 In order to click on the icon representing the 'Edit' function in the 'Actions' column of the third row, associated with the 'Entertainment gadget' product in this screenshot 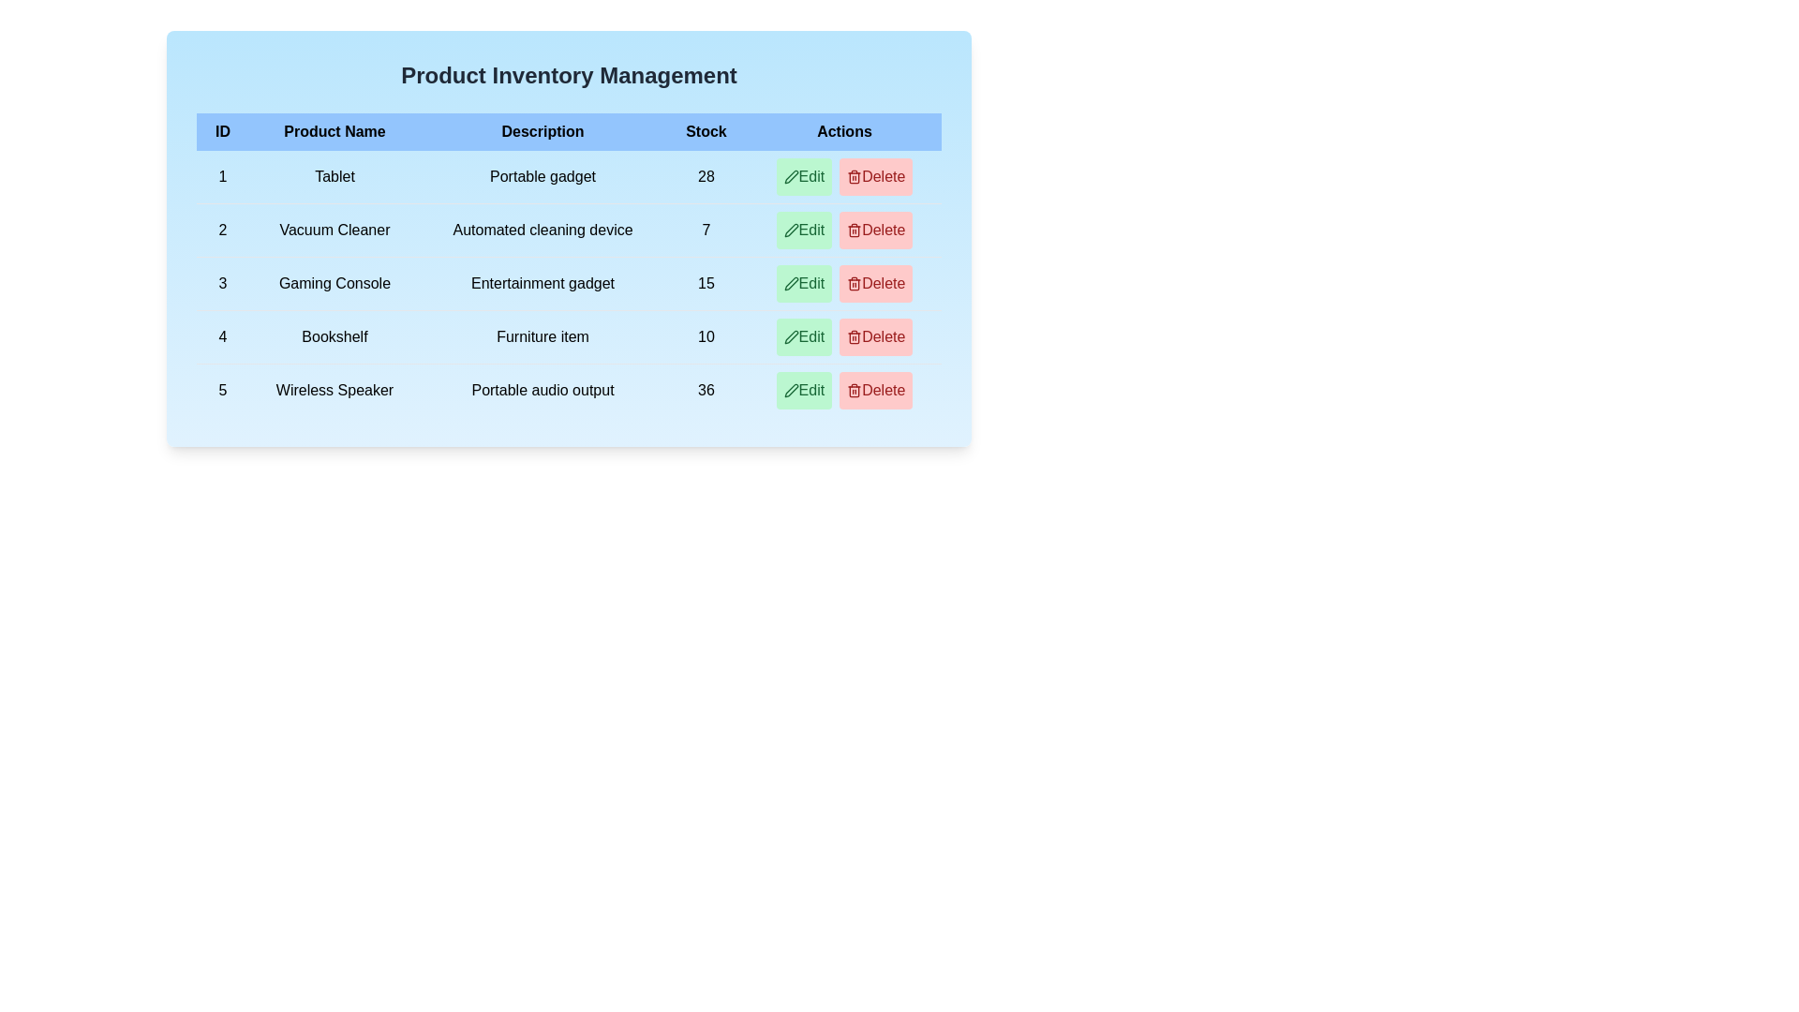, I will do `click(791, 284)`.